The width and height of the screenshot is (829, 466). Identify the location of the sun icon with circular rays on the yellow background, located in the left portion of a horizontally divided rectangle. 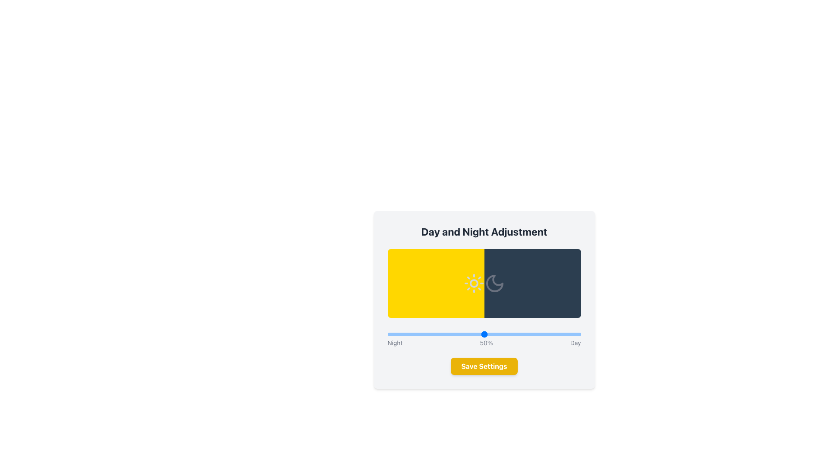
(473, 283).